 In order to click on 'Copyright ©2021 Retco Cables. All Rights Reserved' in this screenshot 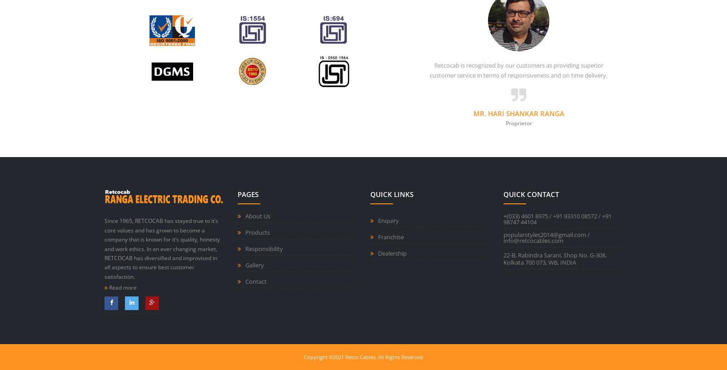, I will do `click(363, 357)`.